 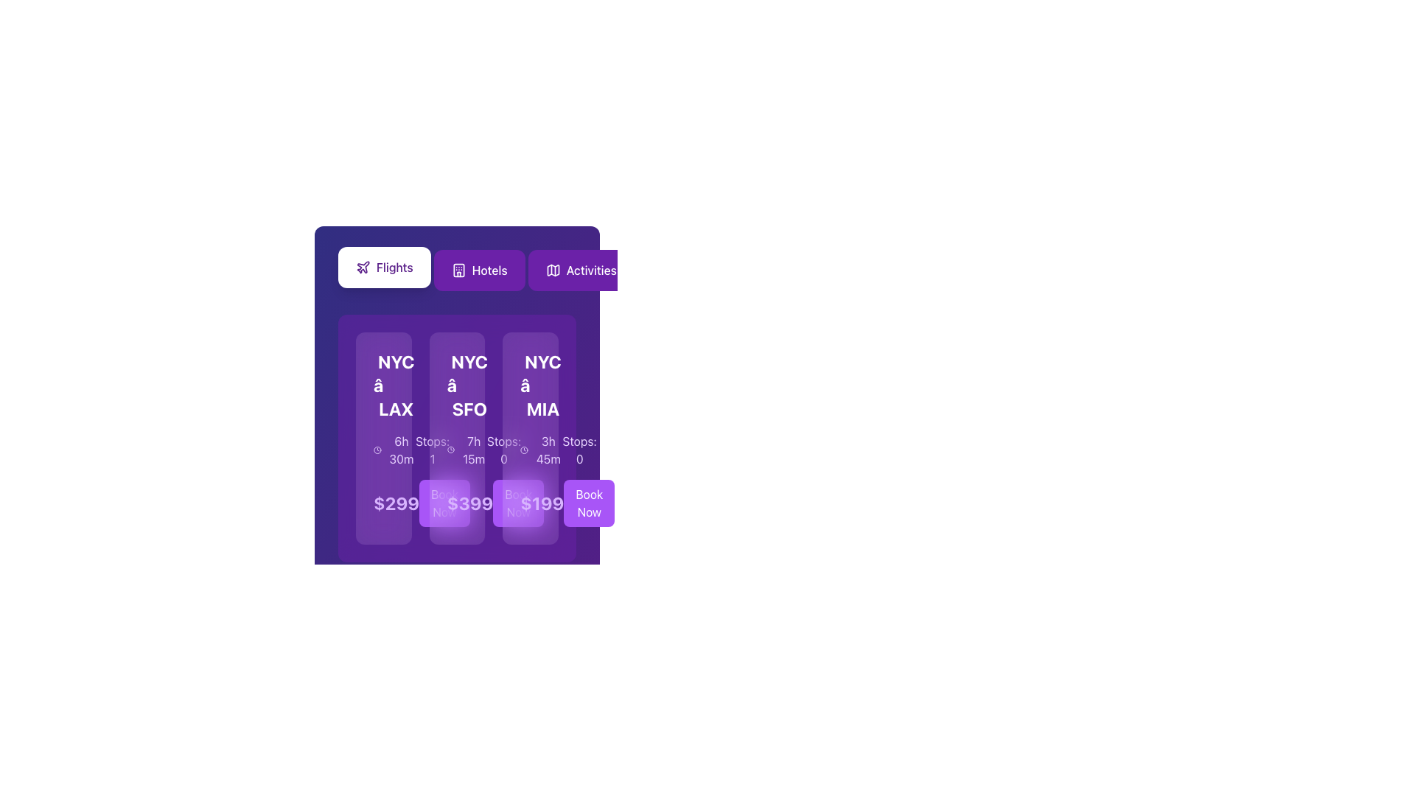 I want to click on the vibrant purple 'Book Now' button with bold white text to proceed with booking, so click(x=588, y=502).